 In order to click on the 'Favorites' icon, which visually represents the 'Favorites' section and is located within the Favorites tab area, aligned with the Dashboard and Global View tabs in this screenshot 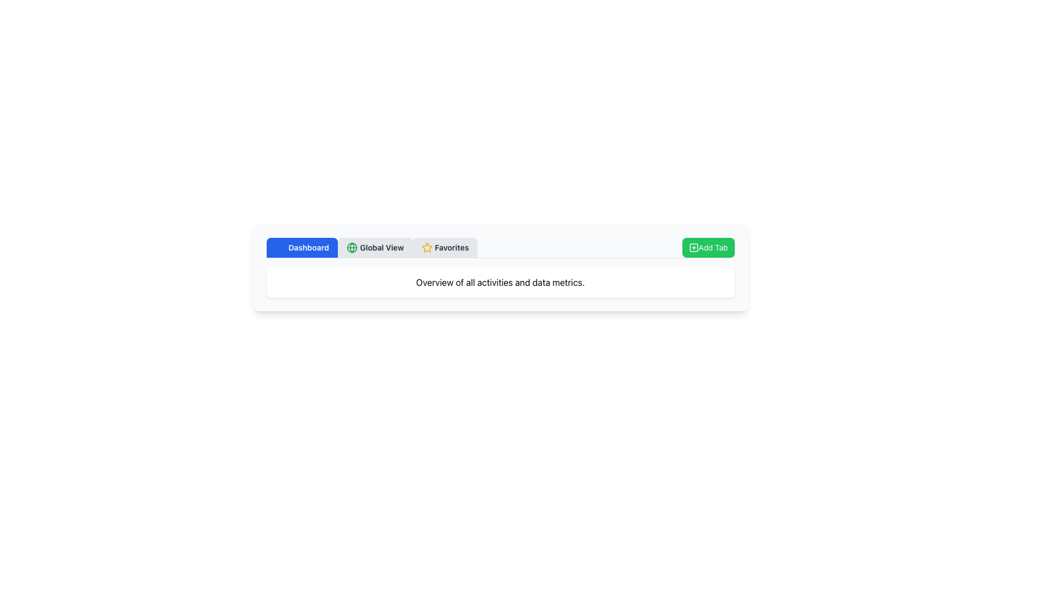, I will do `click(426, 247)`.